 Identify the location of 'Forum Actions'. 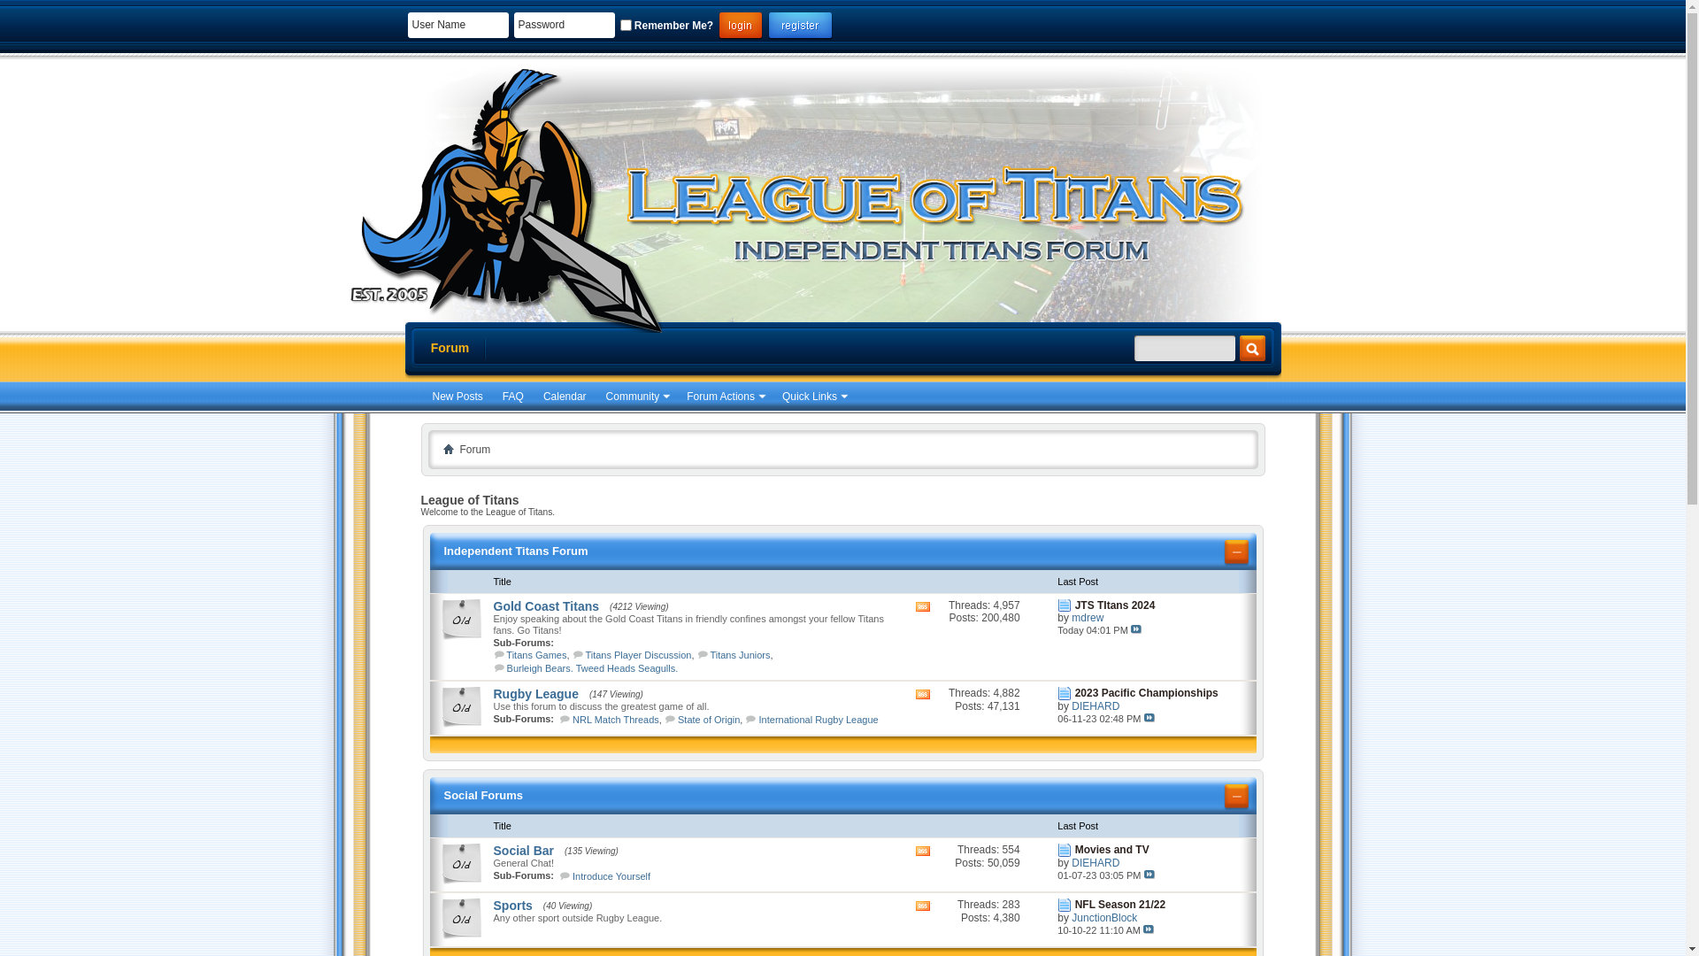
(725, 396).